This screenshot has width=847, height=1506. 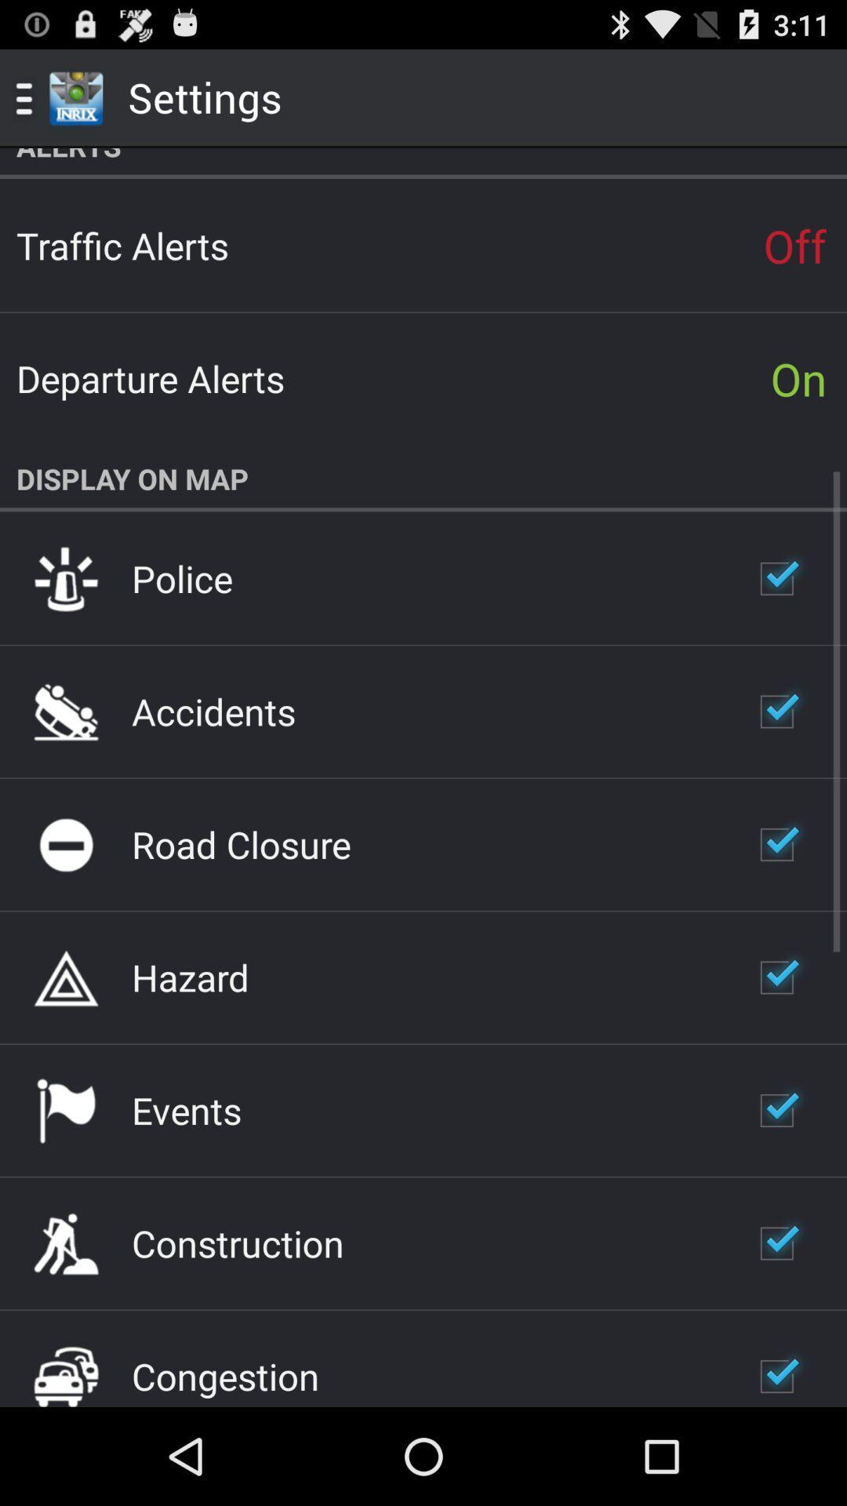 I want to click on the icon below the events, so click(x=238, y=1242).